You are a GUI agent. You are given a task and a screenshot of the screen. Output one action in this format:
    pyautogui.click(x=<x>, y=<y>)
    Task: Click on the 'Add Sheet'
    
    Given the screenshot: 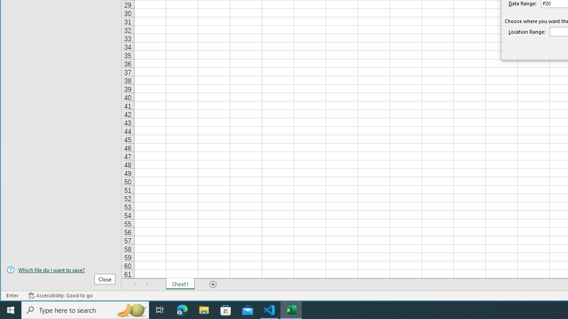 What is the action you would take?
    pyautogui.click(x=213, y=284)
    